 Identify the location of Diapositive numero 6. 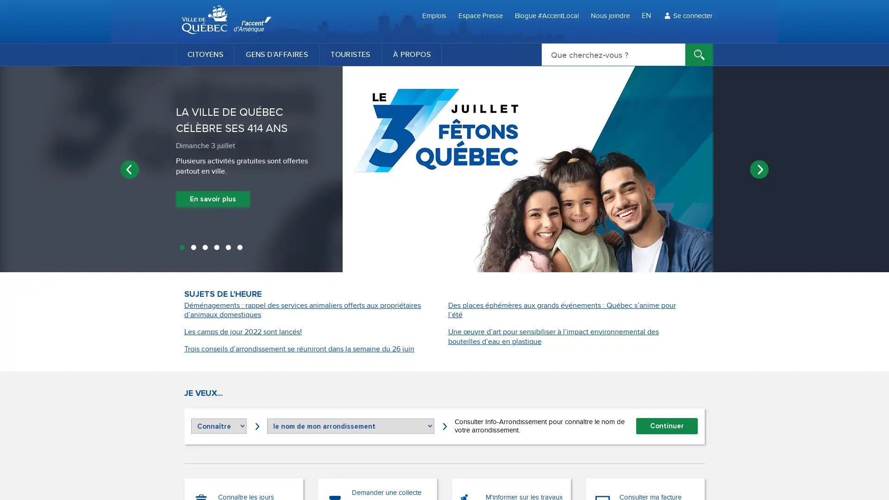
(239, 248).